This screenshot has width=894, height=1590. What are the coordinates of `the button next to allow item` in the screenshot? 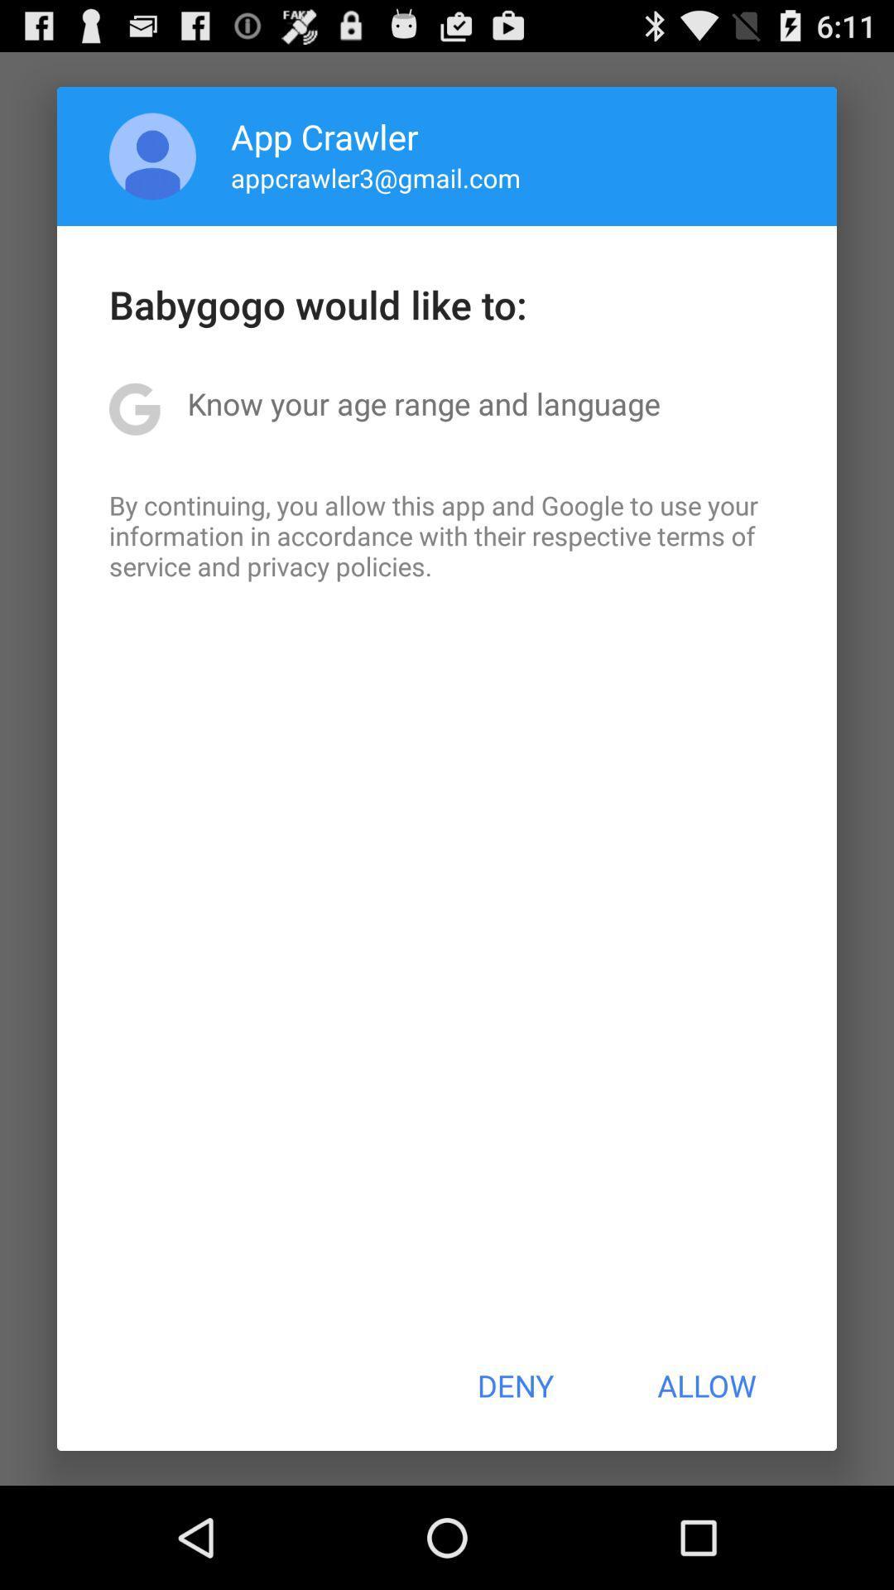 It's located at (514, 1385).